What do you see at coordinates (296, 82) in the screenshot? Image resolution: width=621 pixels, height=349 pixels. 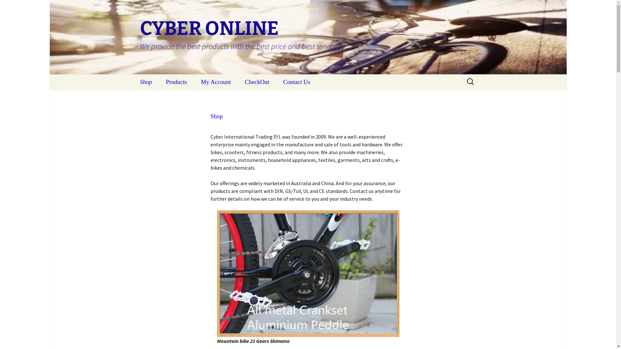 I see `'Contact Us'` at bounding box center [296, 82].